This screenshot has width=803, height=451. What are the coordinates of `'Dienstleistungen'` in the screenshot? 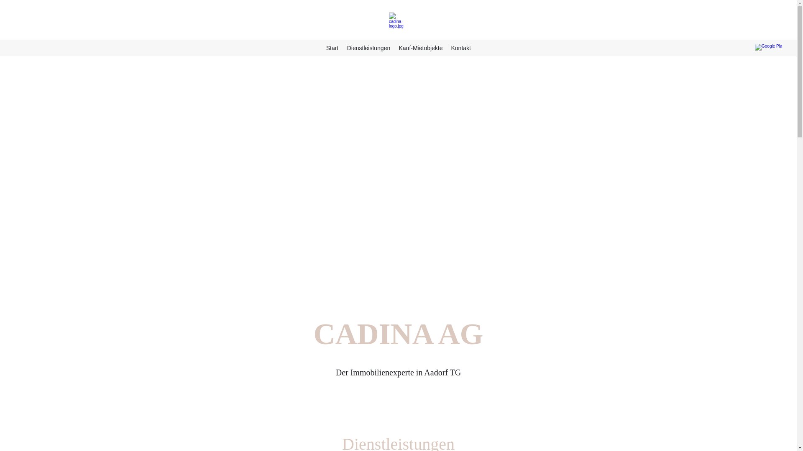 It's located at (343, 48).